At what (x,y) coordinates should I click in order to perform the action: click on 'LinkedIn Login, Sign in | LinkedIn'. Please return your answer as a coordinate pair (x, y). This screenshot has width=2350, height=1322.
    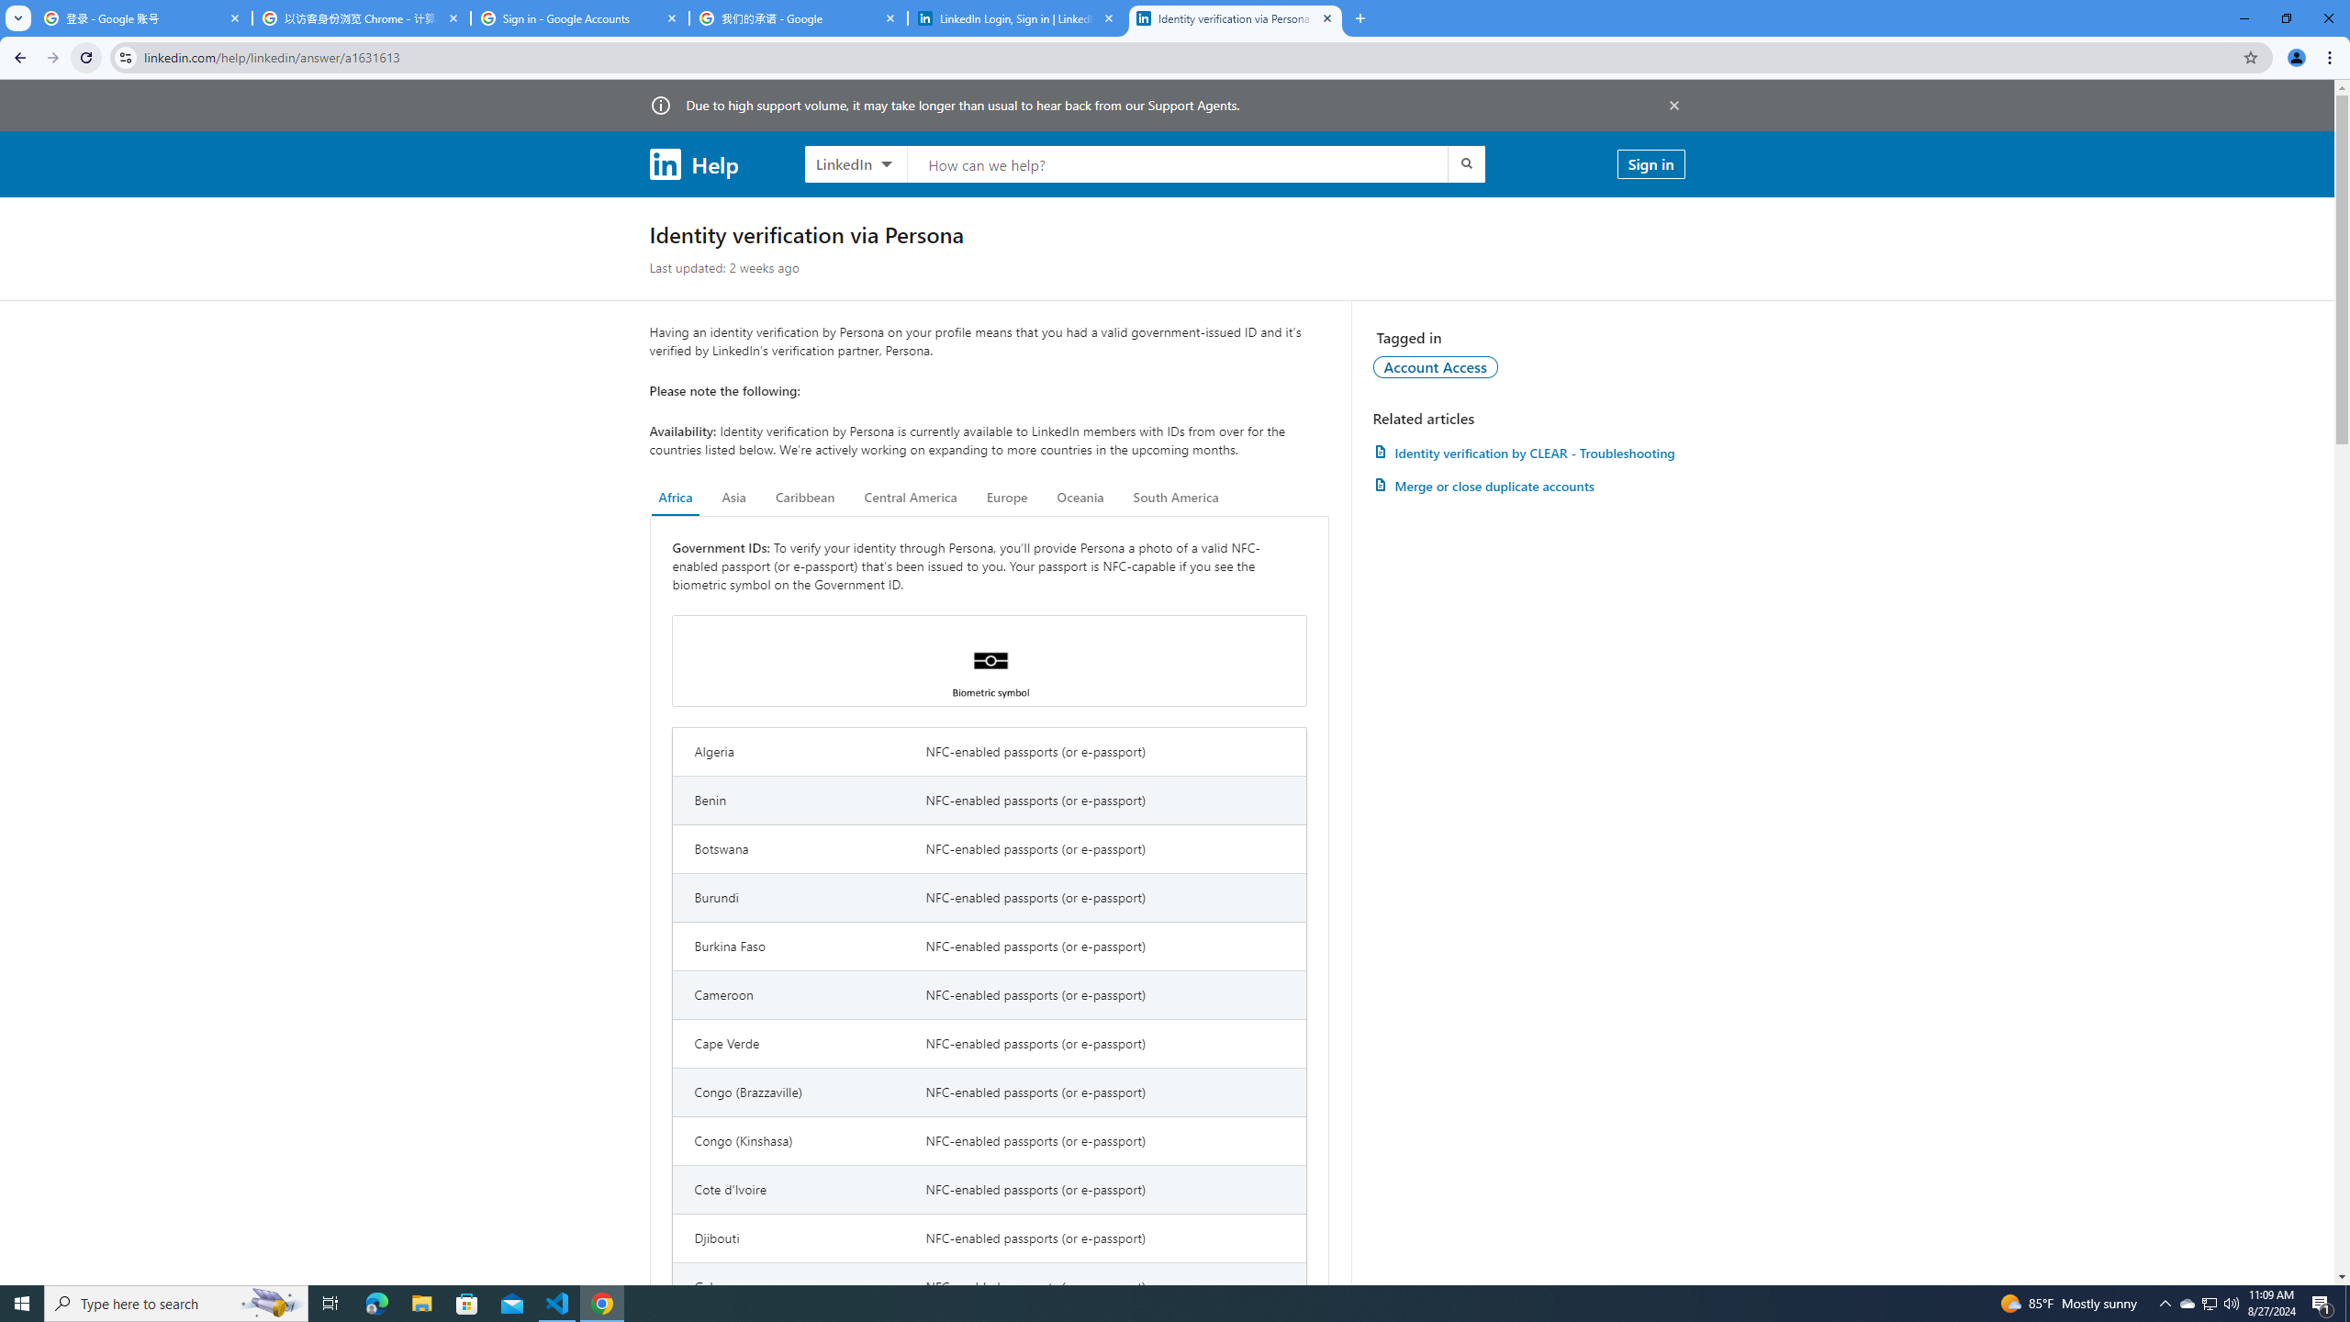
    Looking at the image, I should click on (1017, 17).